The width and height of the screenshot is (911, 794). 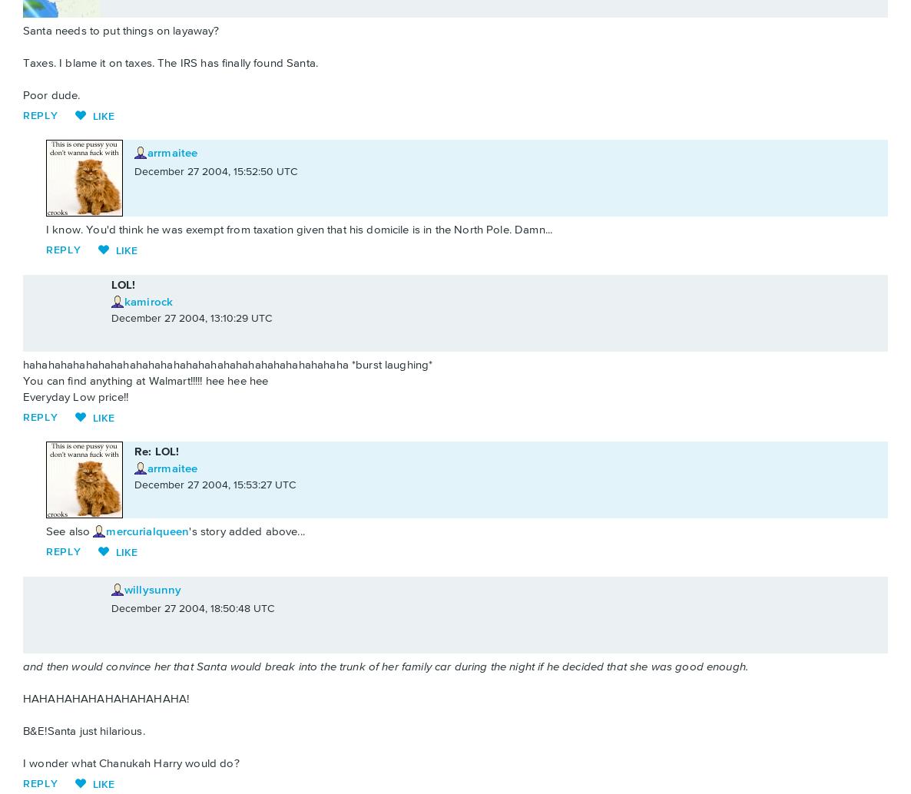 What do you see at coordinates (145, 379) in the screenshot?
I see `'You can find anything at Walmart!!!!! hee hee hee'` at bounding box center [145, 379].